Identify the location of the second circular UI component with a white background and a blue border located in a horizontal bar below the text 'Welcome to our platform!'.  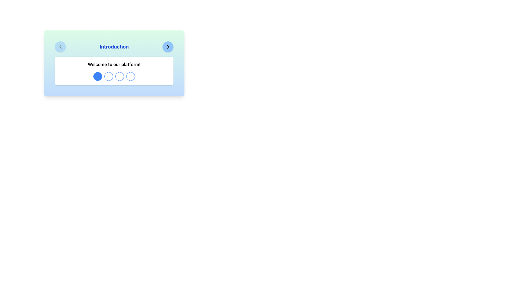
(108, 76).